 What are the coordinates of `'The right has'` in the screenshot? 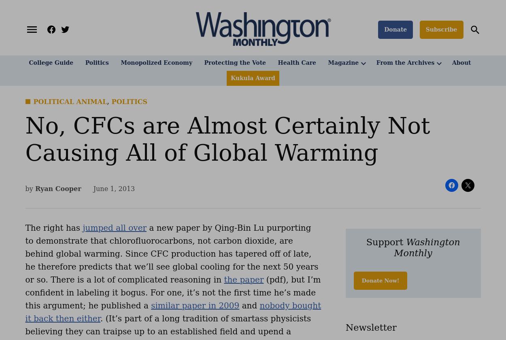 It's located at (25, 227).